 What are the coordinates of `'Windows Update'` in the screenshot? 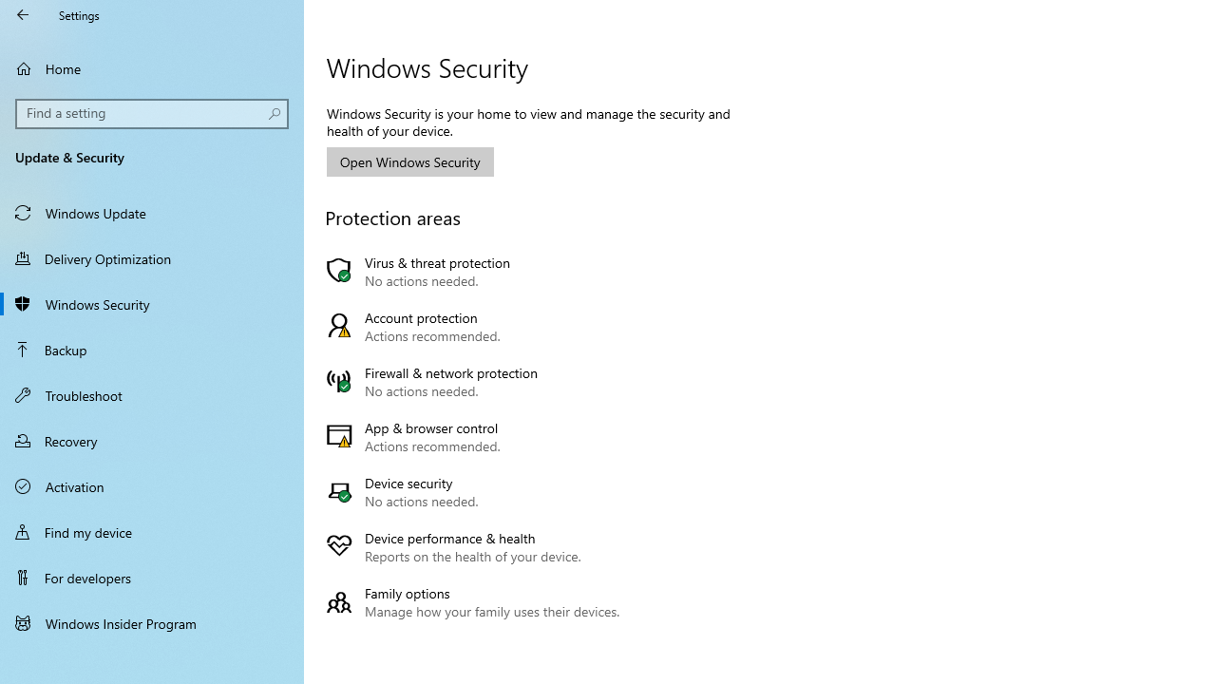 It's located at (152, 212).